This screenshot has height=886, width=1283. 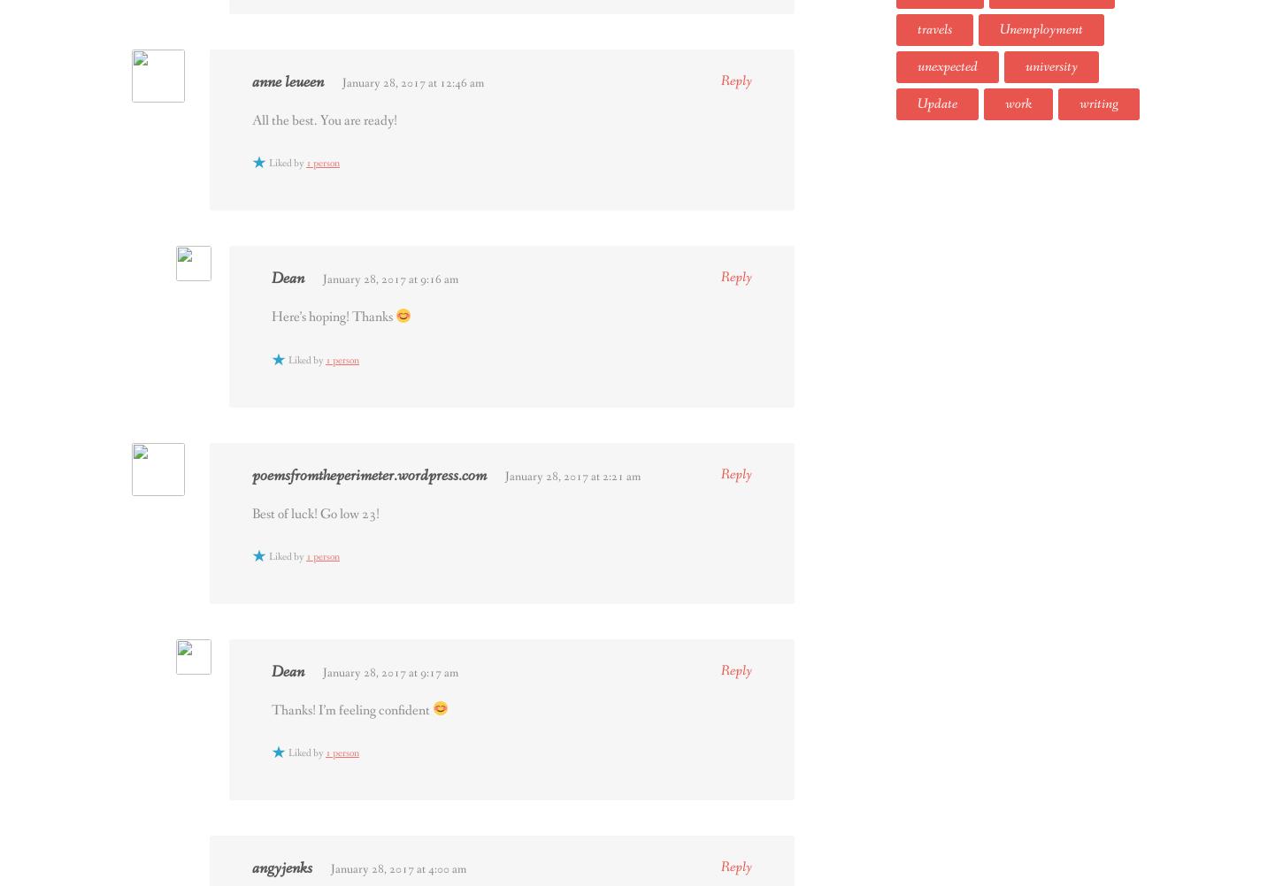 What do you see at coordinates (288, 80) in the screenshot?
I see `'anne leueen'` at bounding box center [288, 80].